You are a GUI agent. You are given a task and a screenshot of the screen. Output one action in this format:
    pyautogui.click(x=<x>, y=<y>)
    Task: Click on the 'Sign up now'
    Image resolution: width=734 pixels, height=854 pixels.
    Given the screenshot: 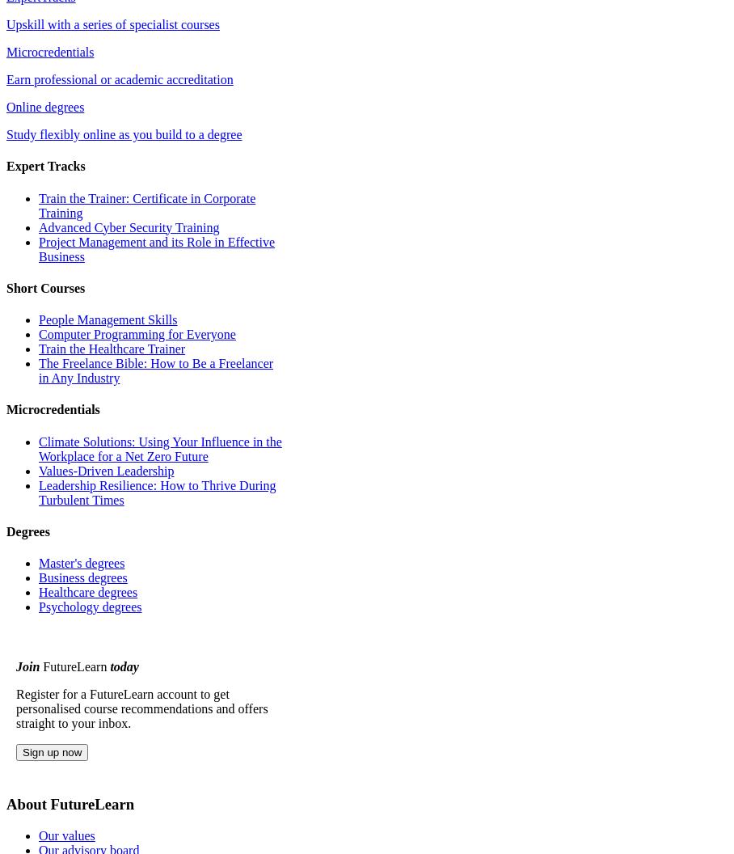 What is the action you would take?
    pyautogui.click(x=52, y=752)
    